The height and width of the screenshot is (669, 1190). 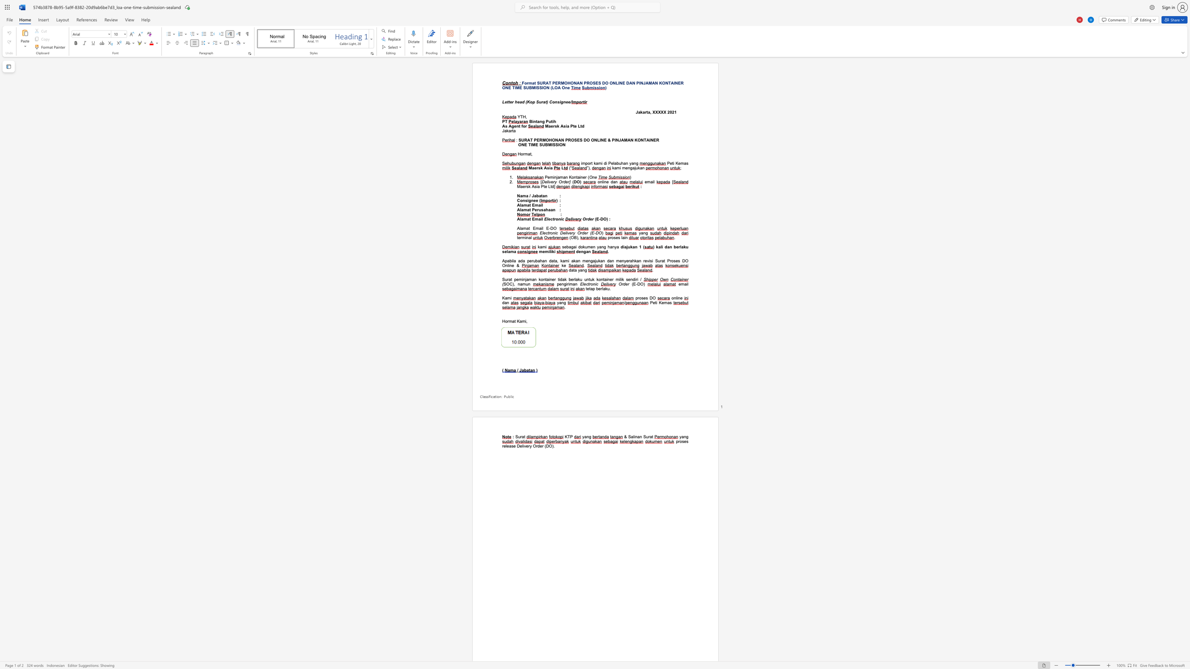 I want to click on the space between the continuous character "o" and "s" in the text, so click(x=641, y=297).